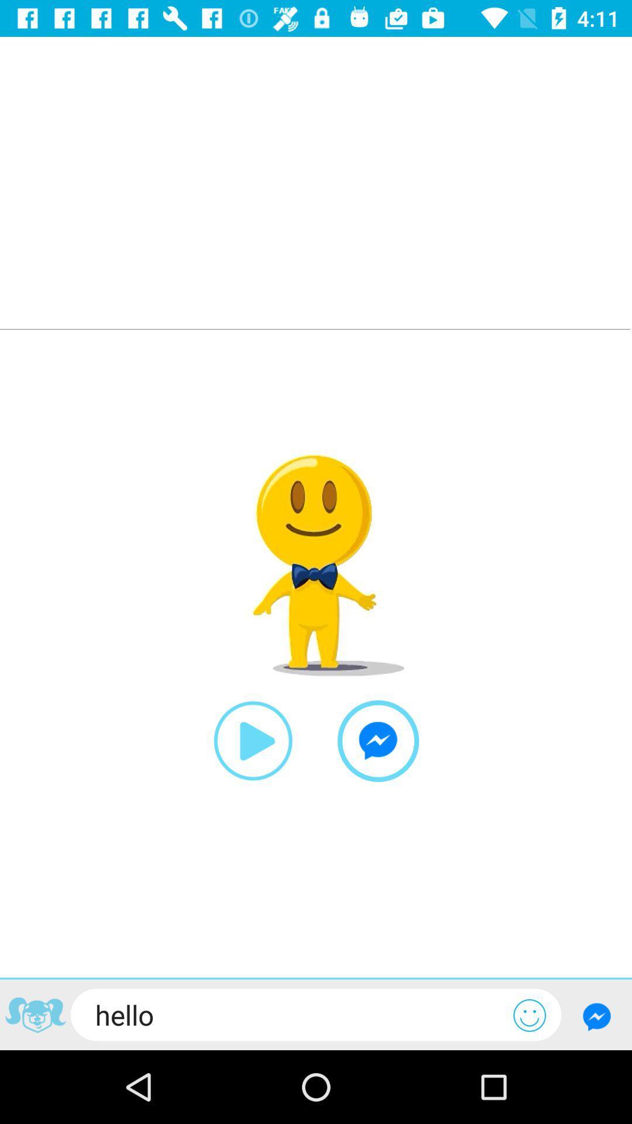 This screenshot has height=1124, width=632. What do you see at coordinates (378, 741) in the screenshot?
I see `share in message` at bounding box center [378, 741].